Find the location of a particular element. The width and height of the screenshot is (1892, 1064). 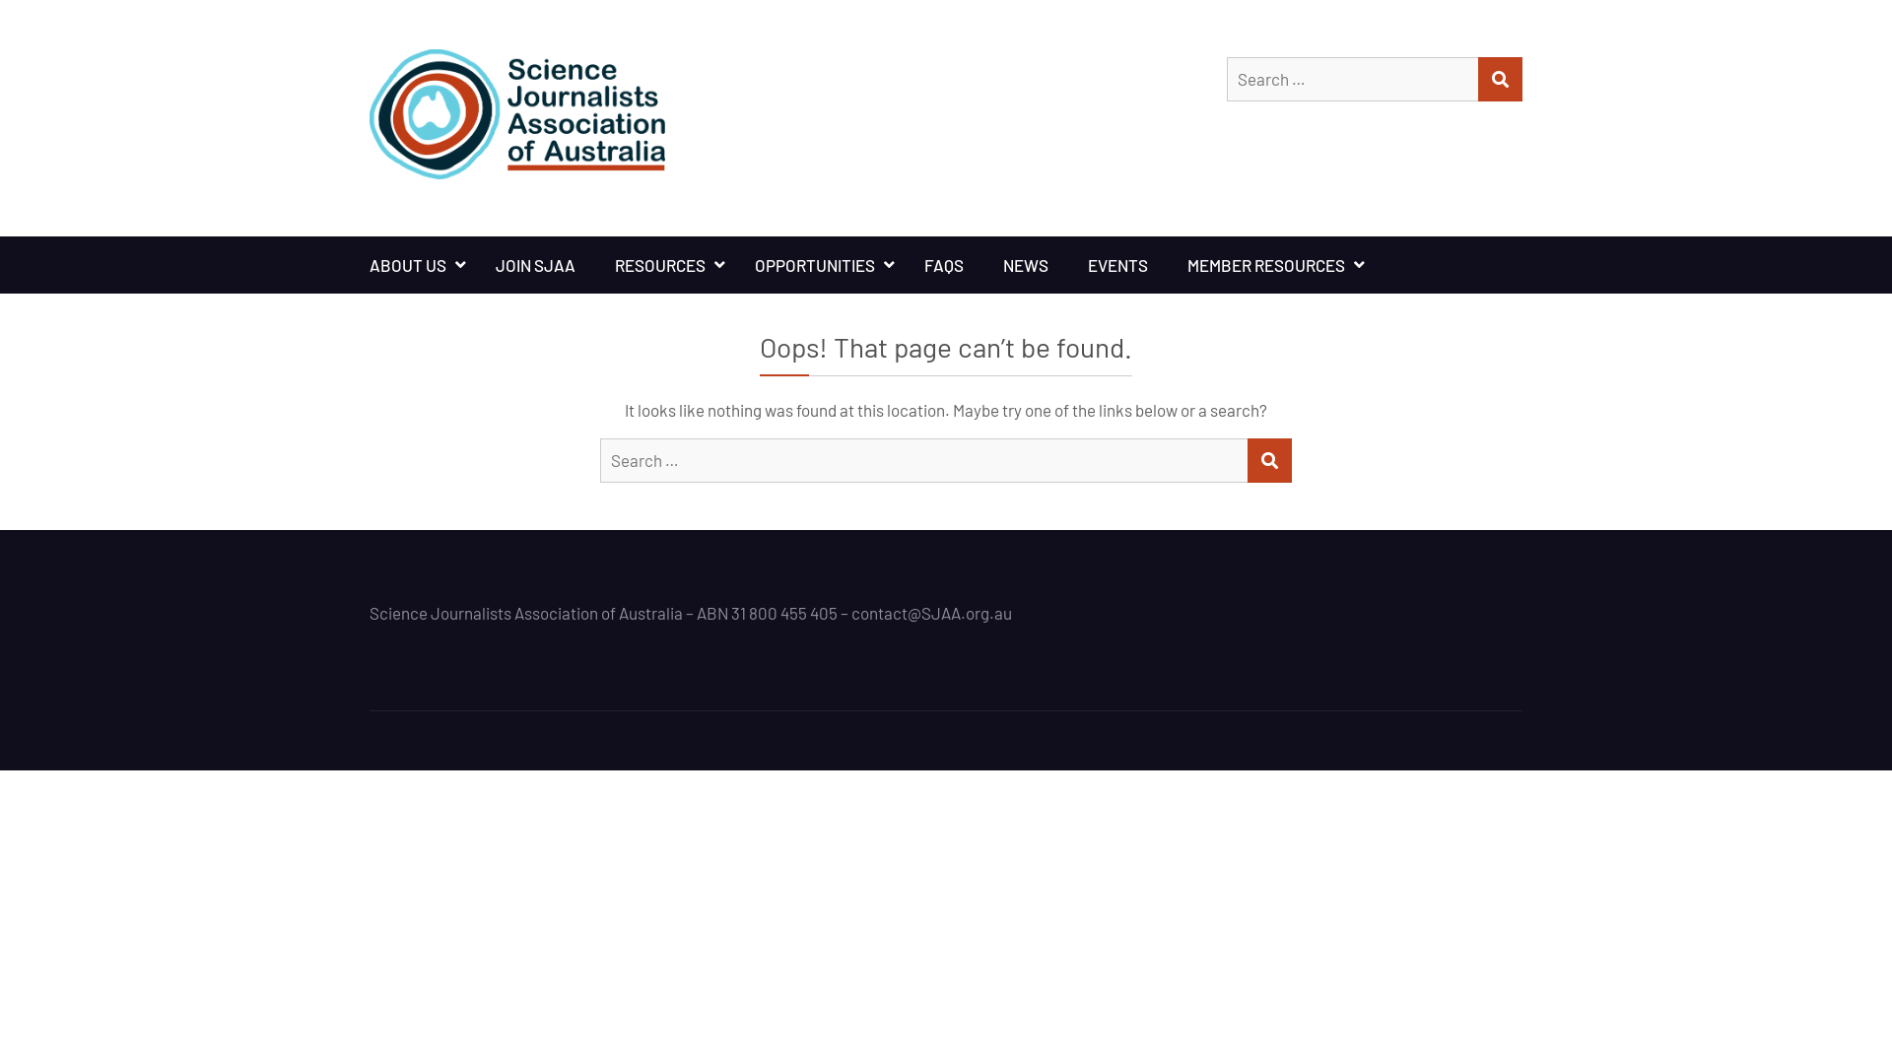

'RESOURCES' is located at coordinates (665, 264).